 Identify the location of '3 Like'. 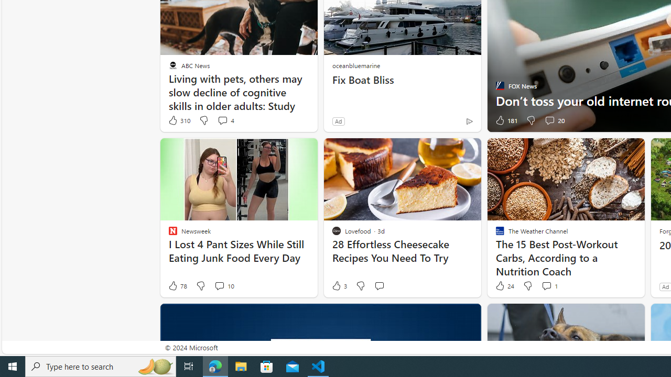
(339, 286).